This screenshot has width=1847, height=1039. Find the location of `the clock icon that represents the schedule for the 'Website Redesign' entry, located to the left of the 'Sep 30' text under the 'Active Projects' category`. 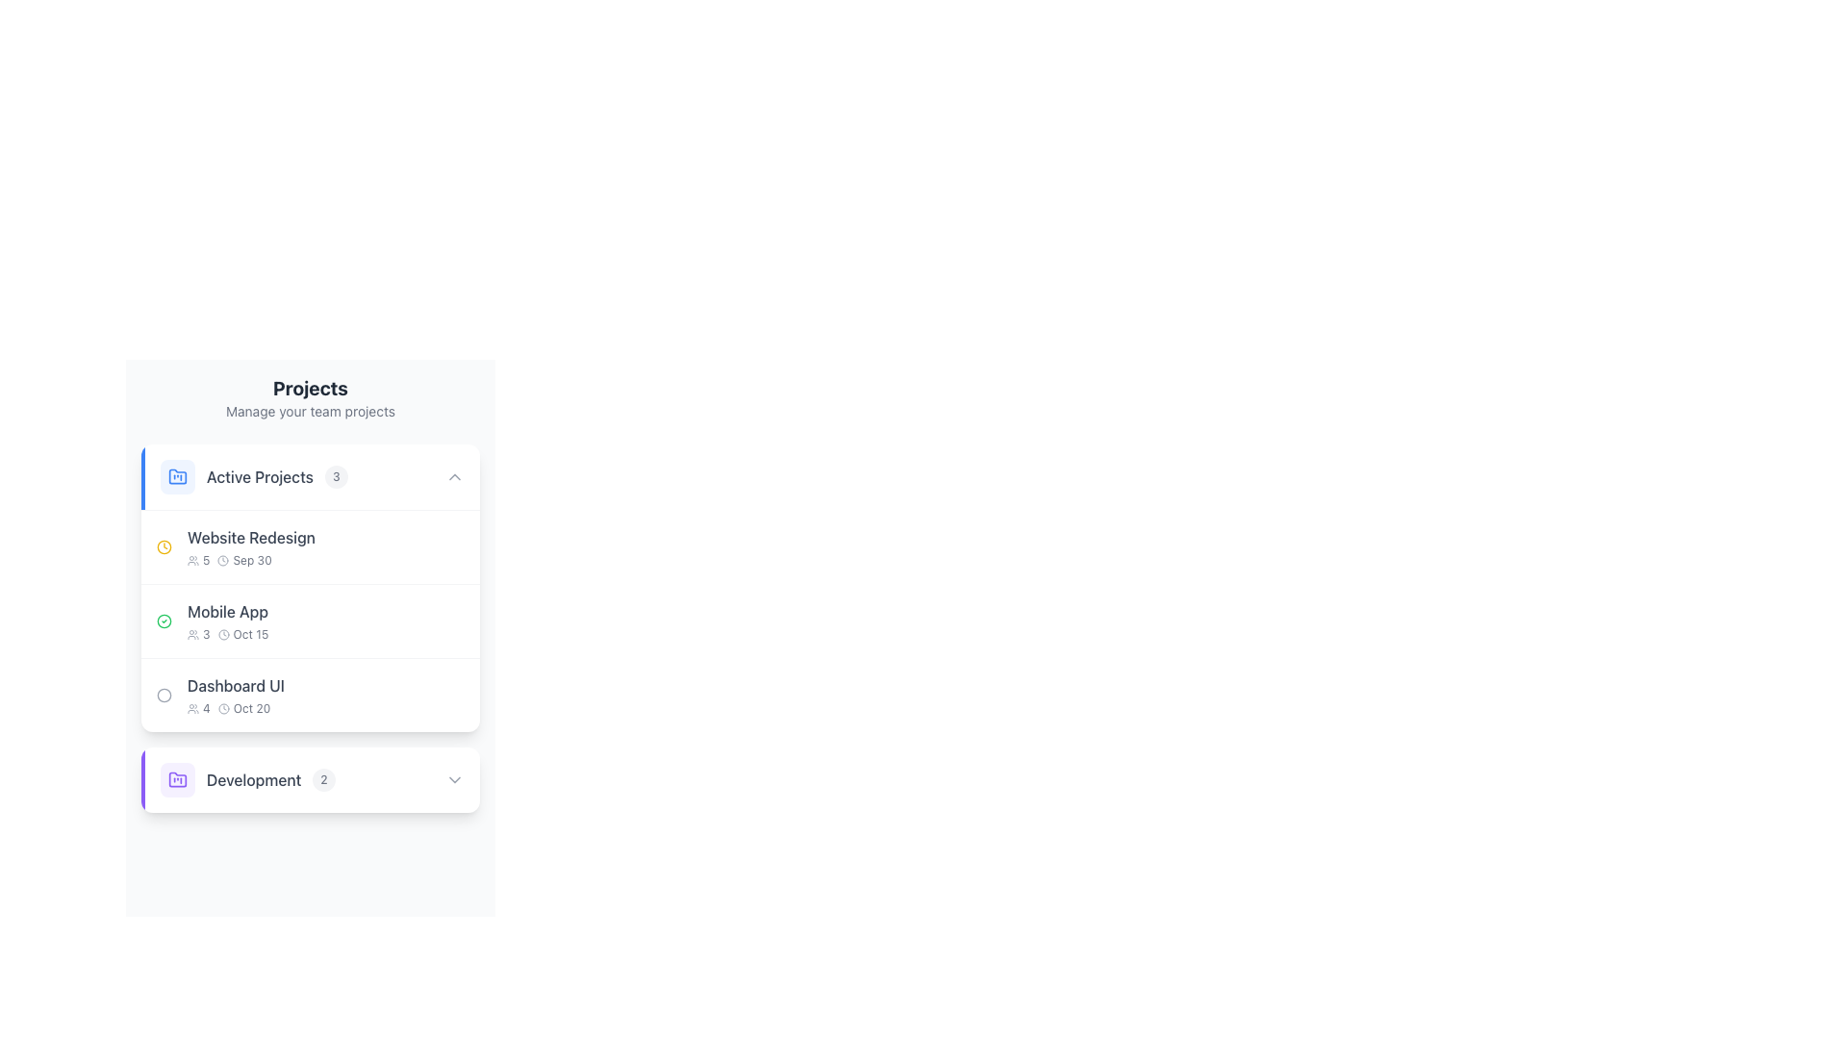

the clock icon that represents the schedule for the 'Website Redesign' entry, located to the left of the 'Sep 30' text under the 'Active Projects' category is located at coordinates (223, 560).